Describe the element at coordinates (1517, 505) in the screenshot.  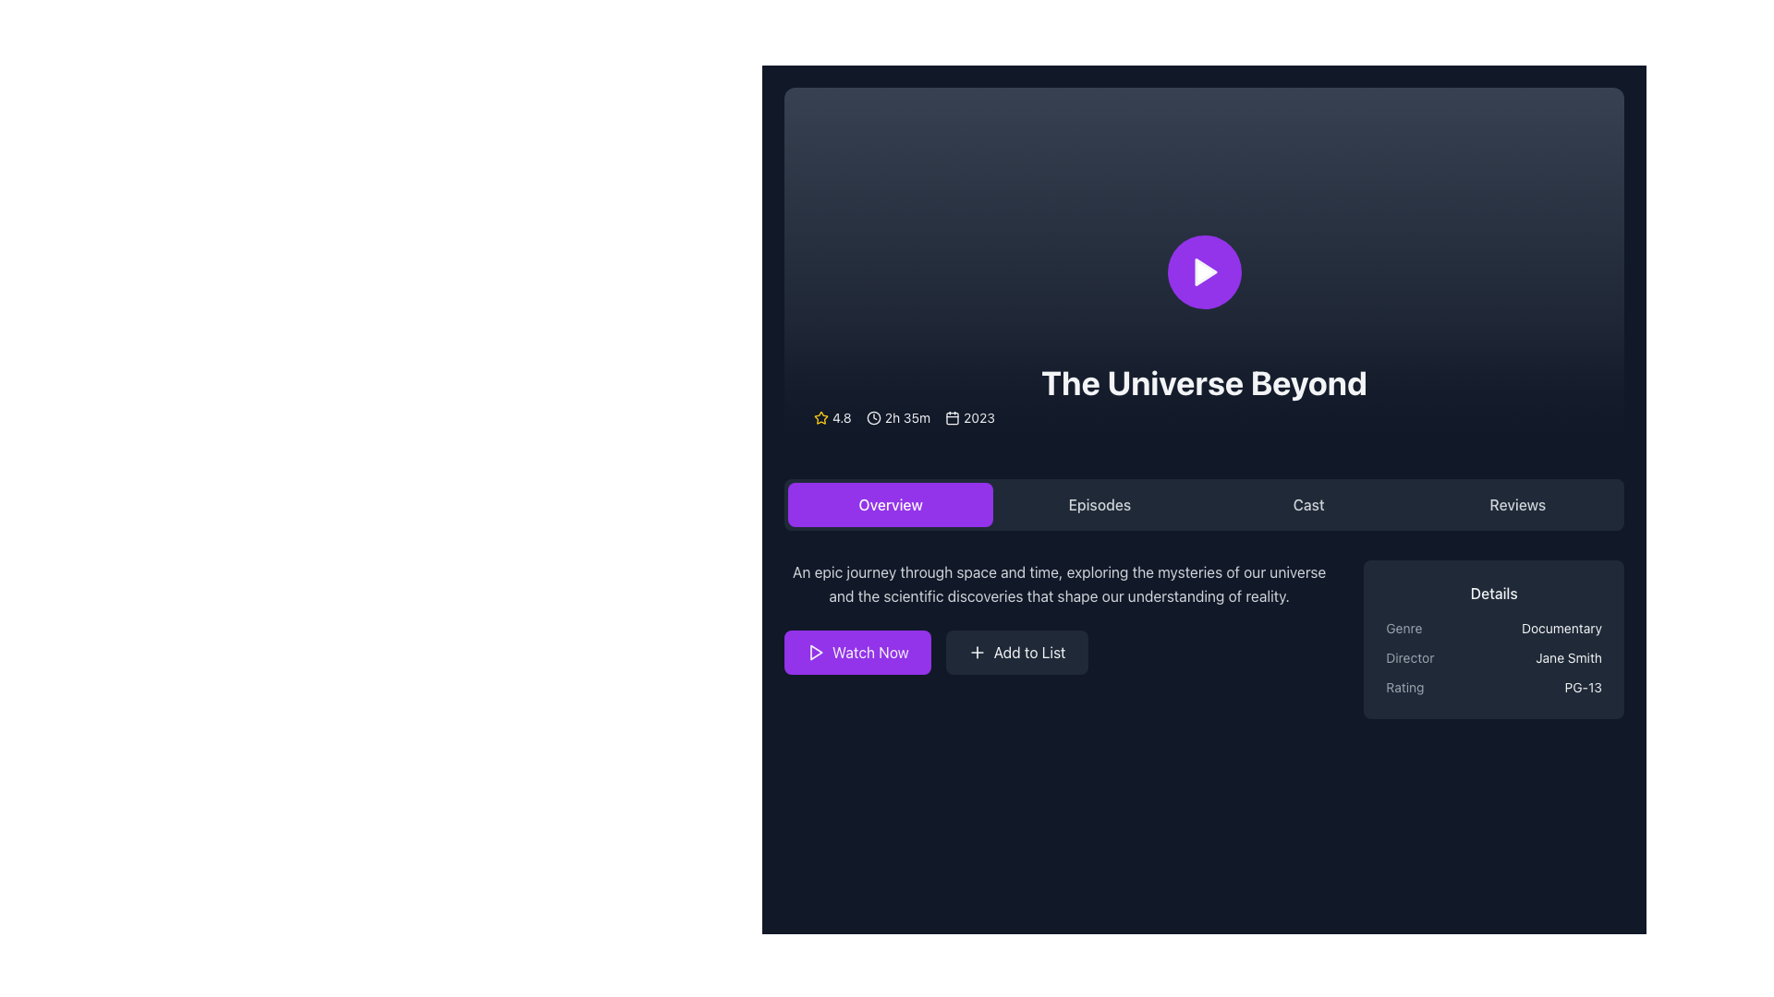
I see `the 'Reviews' button, which is a text button styled with a rounded rectangle shape and has a dark blue background with light gray text, to activate the hover effect` at that location.